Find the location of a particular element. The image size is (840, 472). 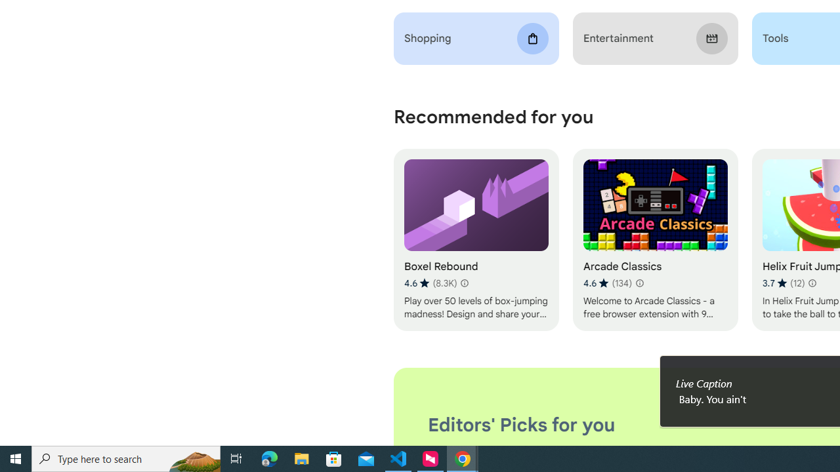

'Average rating 4.6 out of 5 stars. 134 ratings.' is located at coordinates (606, 283).